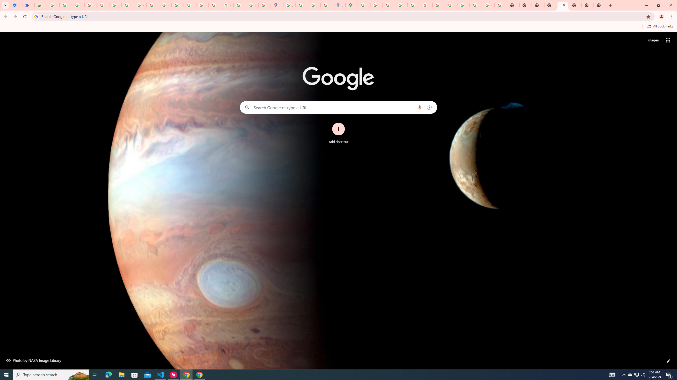 This screenshot has height=380, width=677. I want to click on 'Sign in - Google Accounts', so click(53, 5).